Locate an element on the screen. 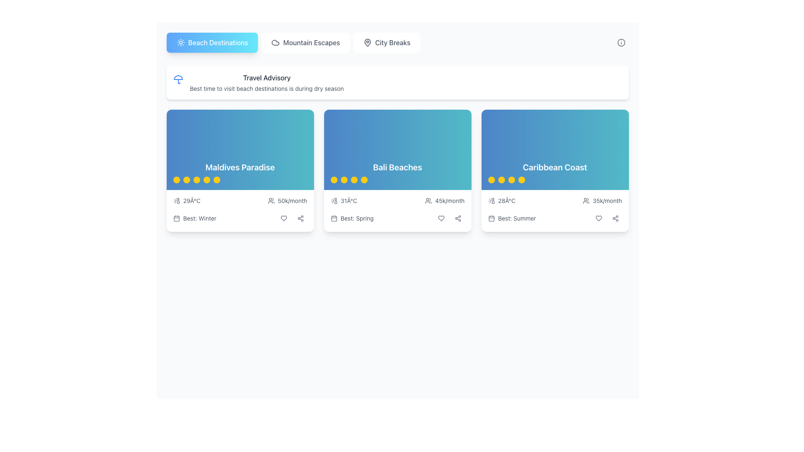 Image resolution: width=804 pixels, height=452 pixels. the circular Share Button featuring a share icon with three connected circles, located in the bottom-right corner of the 'Caribbean Coast' card, to share the card is located at coordinates (615, 218).